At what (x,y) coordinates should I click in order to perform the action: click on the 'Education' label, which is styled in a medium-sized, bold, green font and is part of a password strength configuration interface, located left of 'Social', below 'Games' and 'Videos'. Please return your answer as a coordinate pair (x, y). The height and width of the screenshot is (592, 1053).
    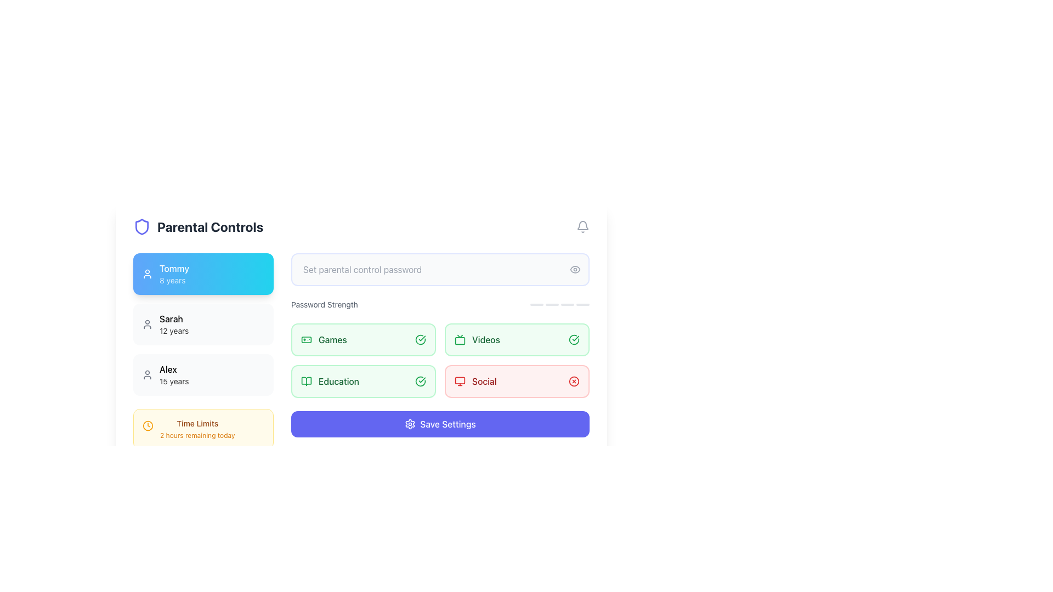
    Looking at the image, I should click on (338, 380).